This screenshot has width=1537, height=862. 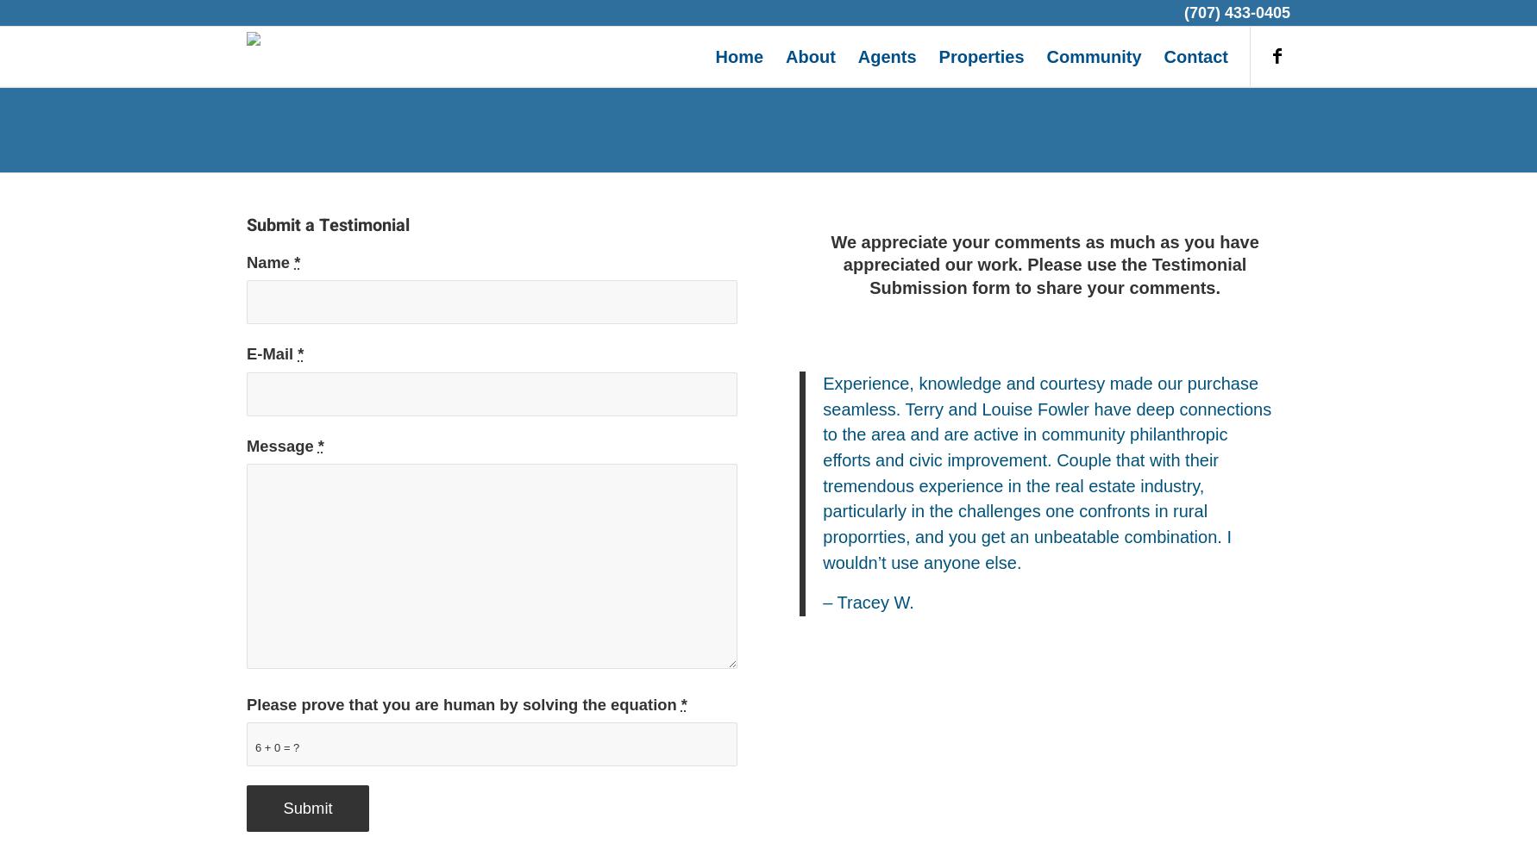 I want to click on 'Experience, knowledge and courtesy made our purchase seamless. Terry and Louise Fowler have deep connections to the area and are active in community philanthropic efforts and civic improvement. Couple that with their tremendous experience in the real estate industry, particularly in the challenges one confronts in rural proporrties, and you get an unbeatable combination. I wouldn’t use anyone else.', so click(x=823, y=472).